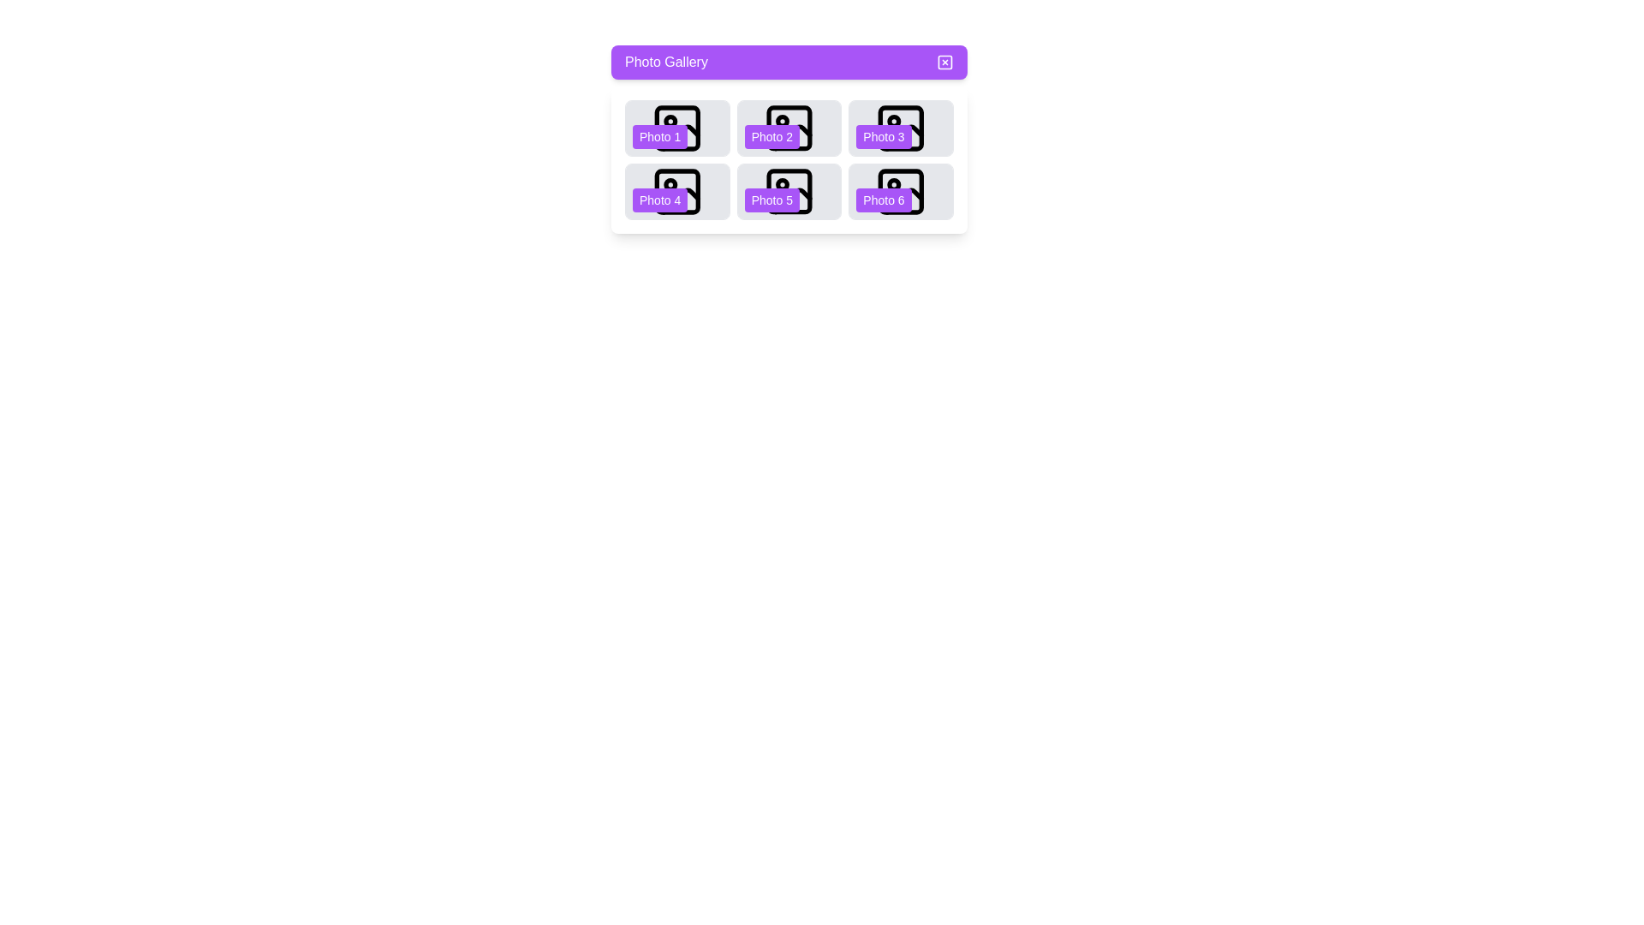 The width and height of the screenshot is (1644, 925). Describe the element at coordinates (788, 62) in the screenshot. I see `the 'Photo Gallery' button to toggle the menu open or closed` at that location.